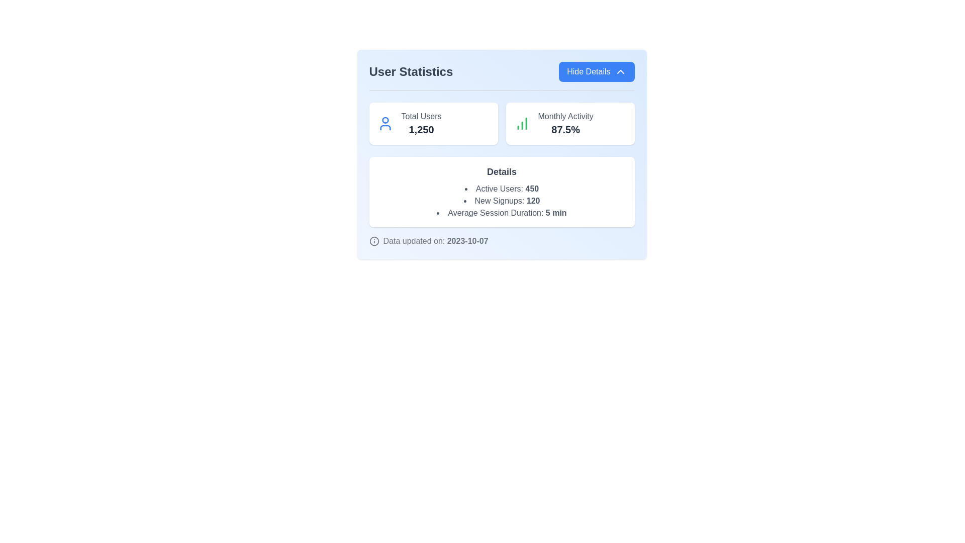 This screenshot has height=543, width=965. I want to click on the Text Display that shows the count of 'New Signups' located under the 'User Statistics' heading, so click(533, 201).